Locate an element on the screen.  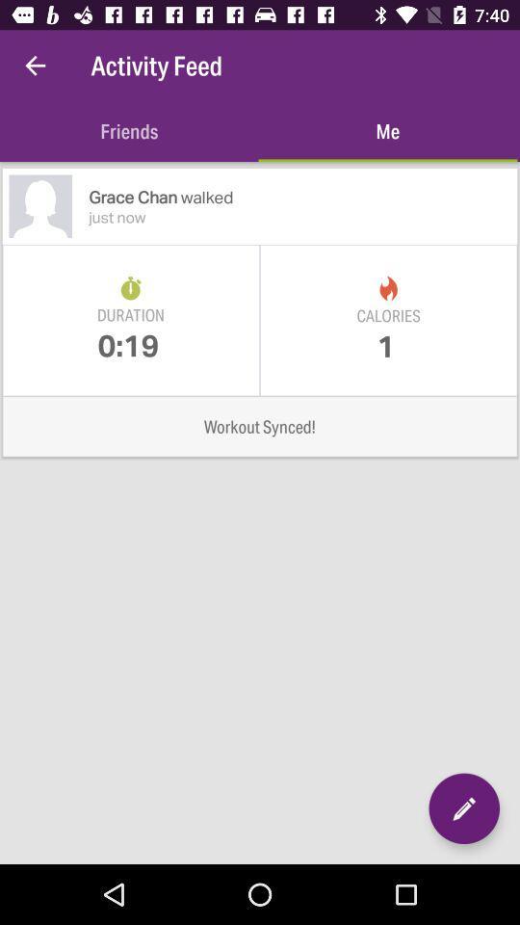
icon at the bottom right corner is located at coordinates (463, 808).